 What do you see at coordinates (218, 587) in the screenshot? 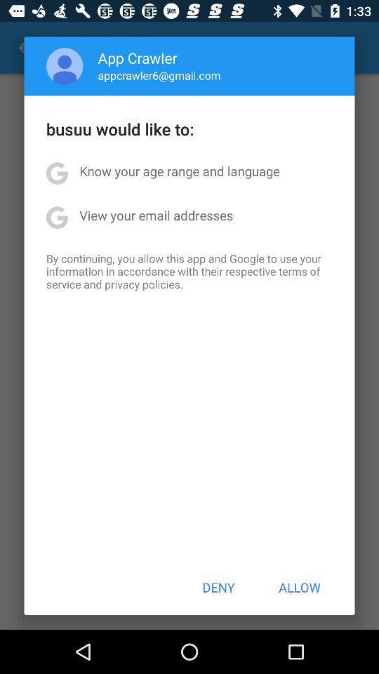
I see `item to the left of the allow button` at bounding box center [218, 587].